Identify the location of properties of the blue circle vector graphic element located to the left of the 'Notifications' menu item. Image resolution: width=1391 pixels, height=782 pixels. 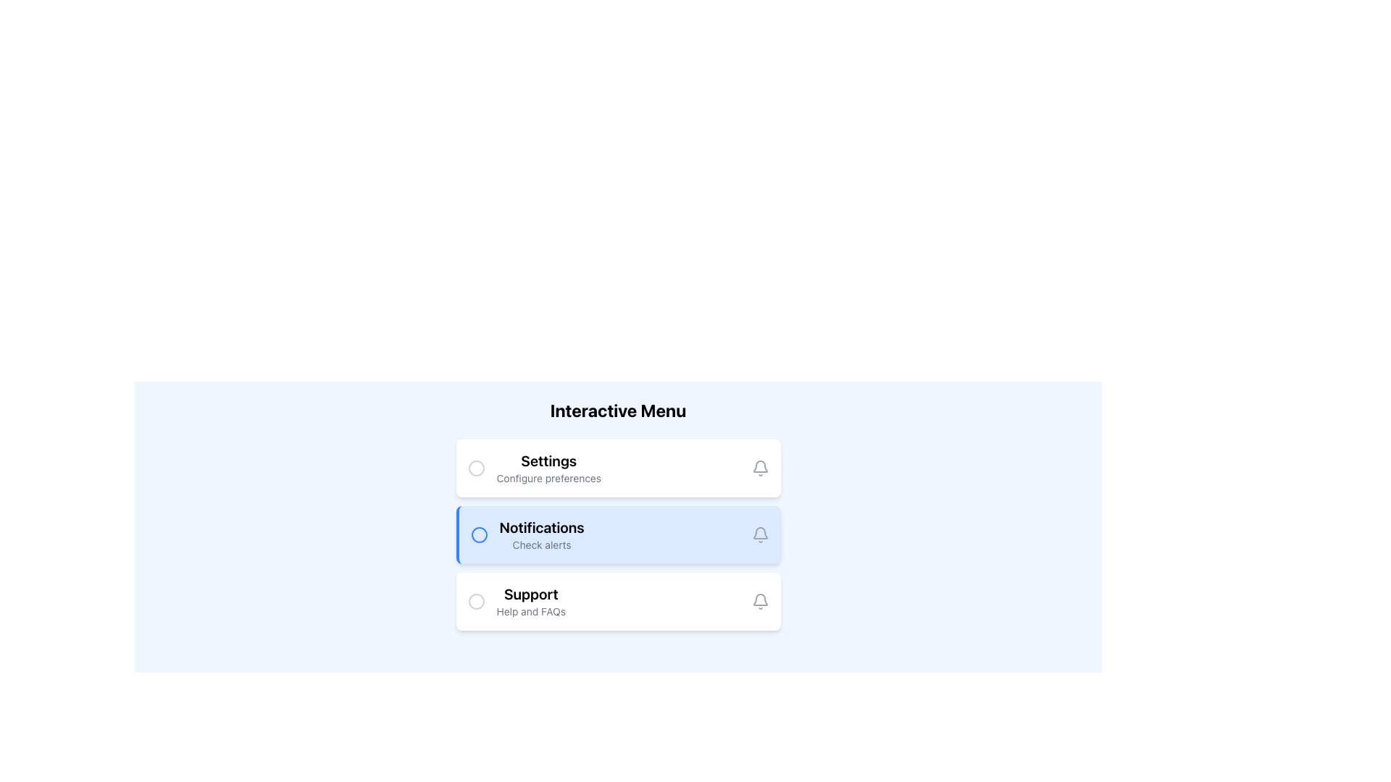
(479, 535).